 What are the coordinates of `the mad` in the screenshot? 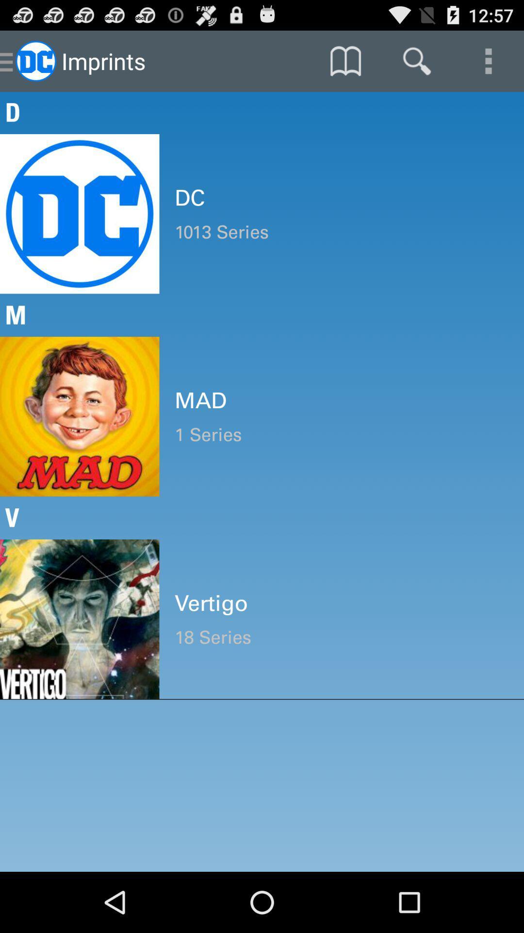 It's located at (341, 400).